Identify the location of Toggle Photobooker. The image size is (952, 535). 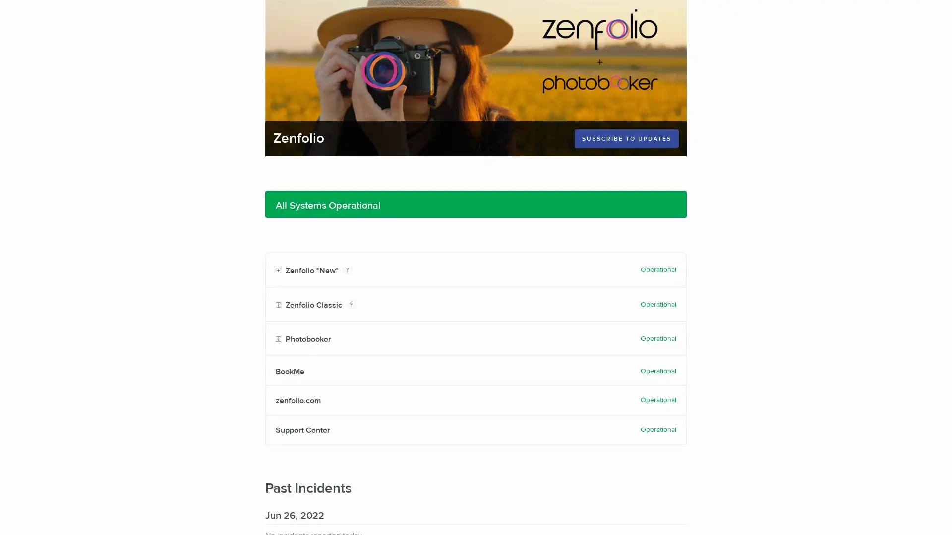
(278, 339).